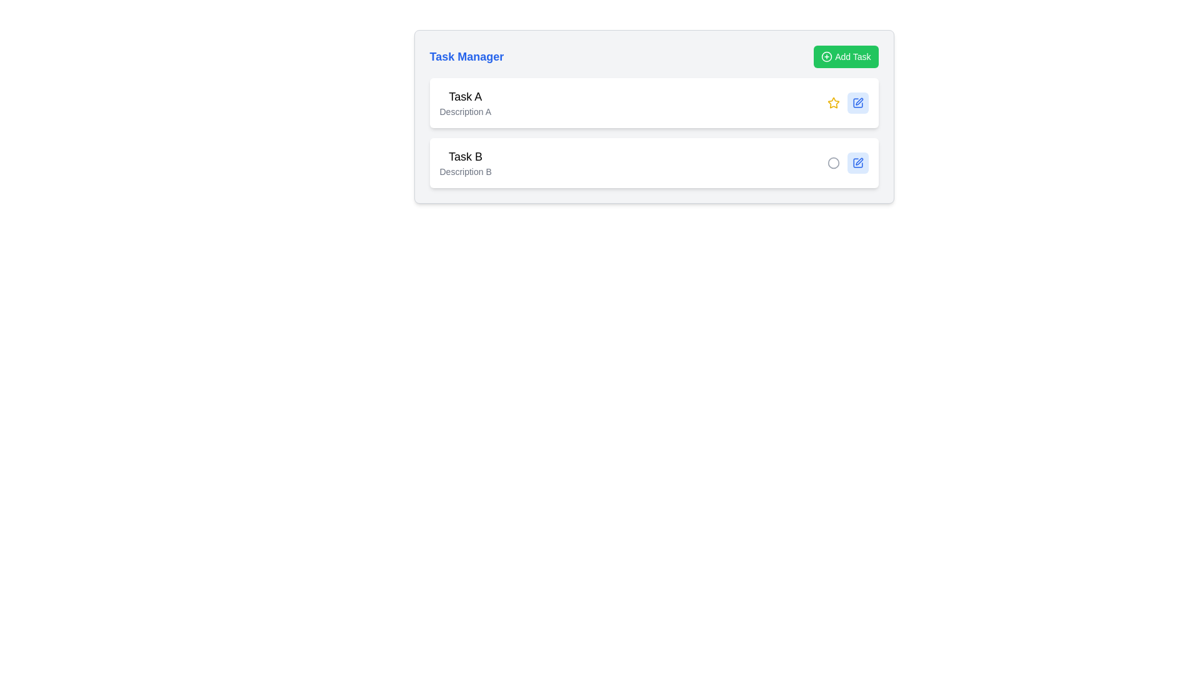 The image size is (1200, 675). Describe the element at coordinates (464, 111) in the screenshot. I see `the descriptive text label located immediately below 'Task A' in the first card of the 'Task Manager' interface` at that location.